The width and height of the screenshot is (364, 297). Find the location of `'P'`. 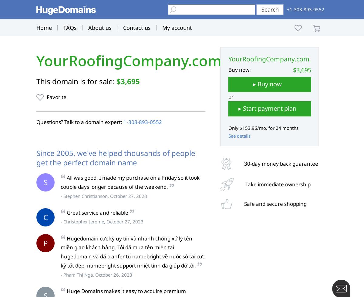

'P' is located at coordinates (45, 243).